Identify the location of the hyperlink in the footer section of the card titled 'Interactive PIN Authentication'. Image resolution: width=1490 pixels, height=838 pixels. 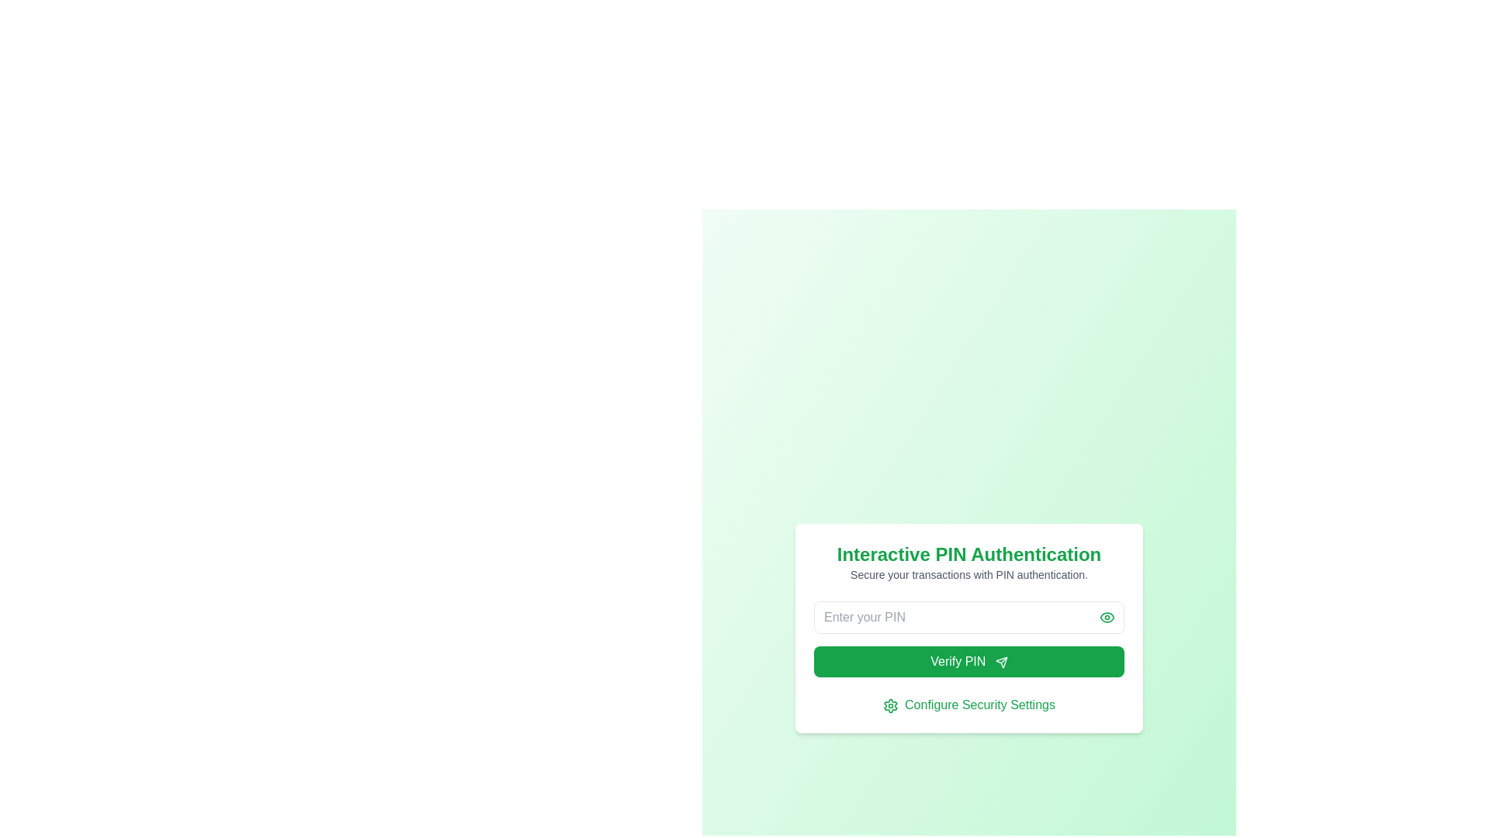
(979, 704).